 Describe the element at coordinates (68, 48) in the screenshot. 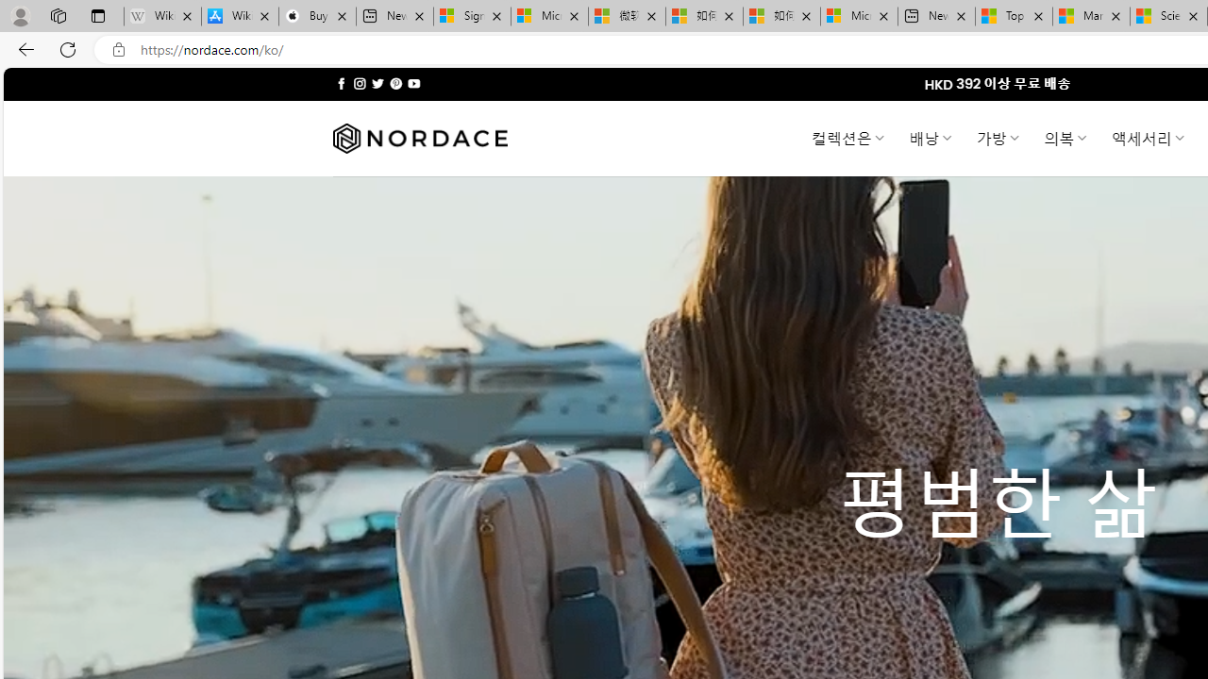

I see `'Refresh'` at that location.